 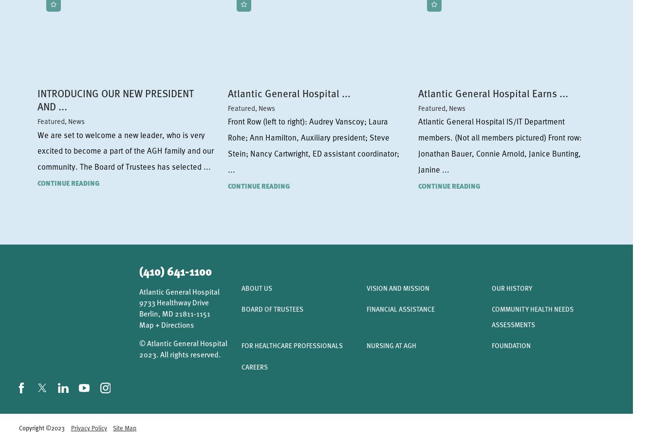 What do you see at coordinates (175, 270) in the screenshot?
I see `'(410) 641-1100'` at bounding box center [175, 270].